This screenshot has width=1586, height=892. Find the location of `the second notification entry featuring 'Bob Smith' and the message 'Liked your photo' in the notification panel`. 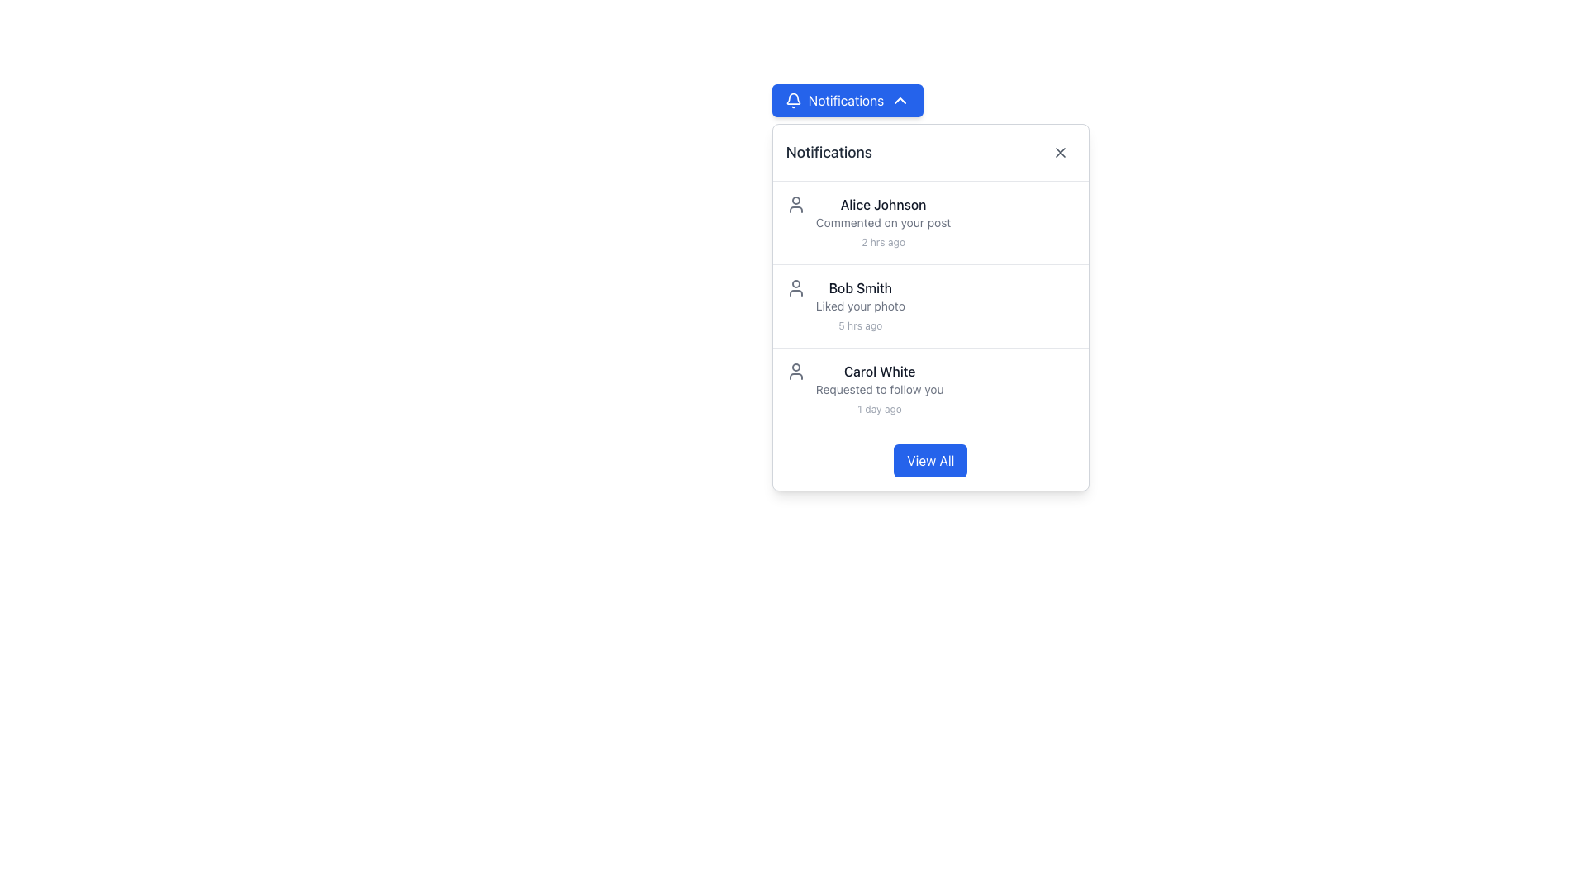

the second notification entry featuring 'Bob Smith' and the message 'Liked your photo' in the notification panel is located at coordinates (930, 306).